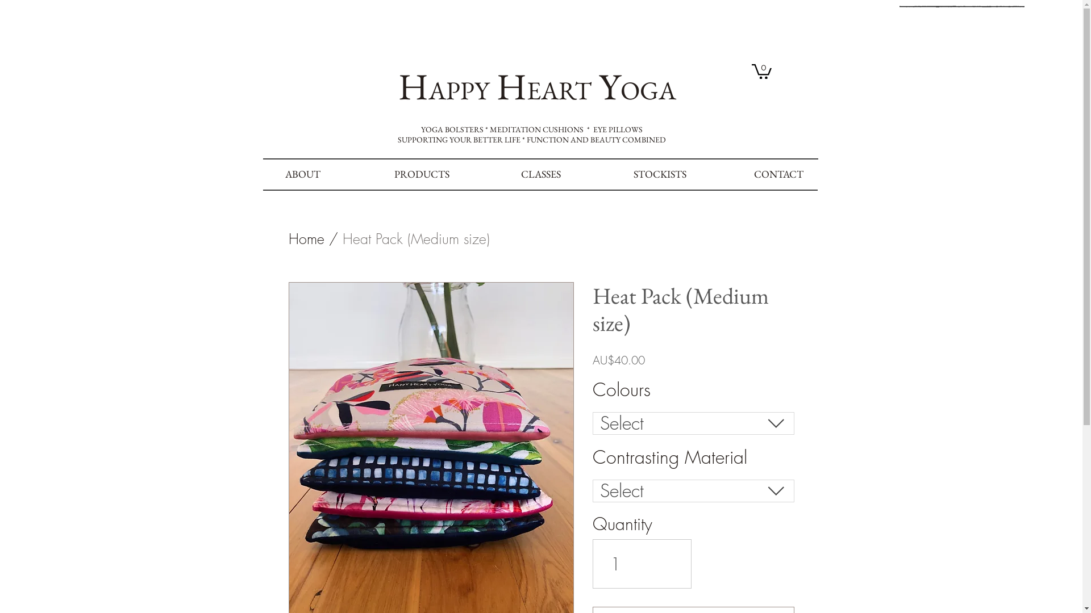 This screenshot has width=1091, height=613. Describe the element at coordinates (415, 238) in the screenshot. I see `'Heat Pack (Medium size)'` at that location.